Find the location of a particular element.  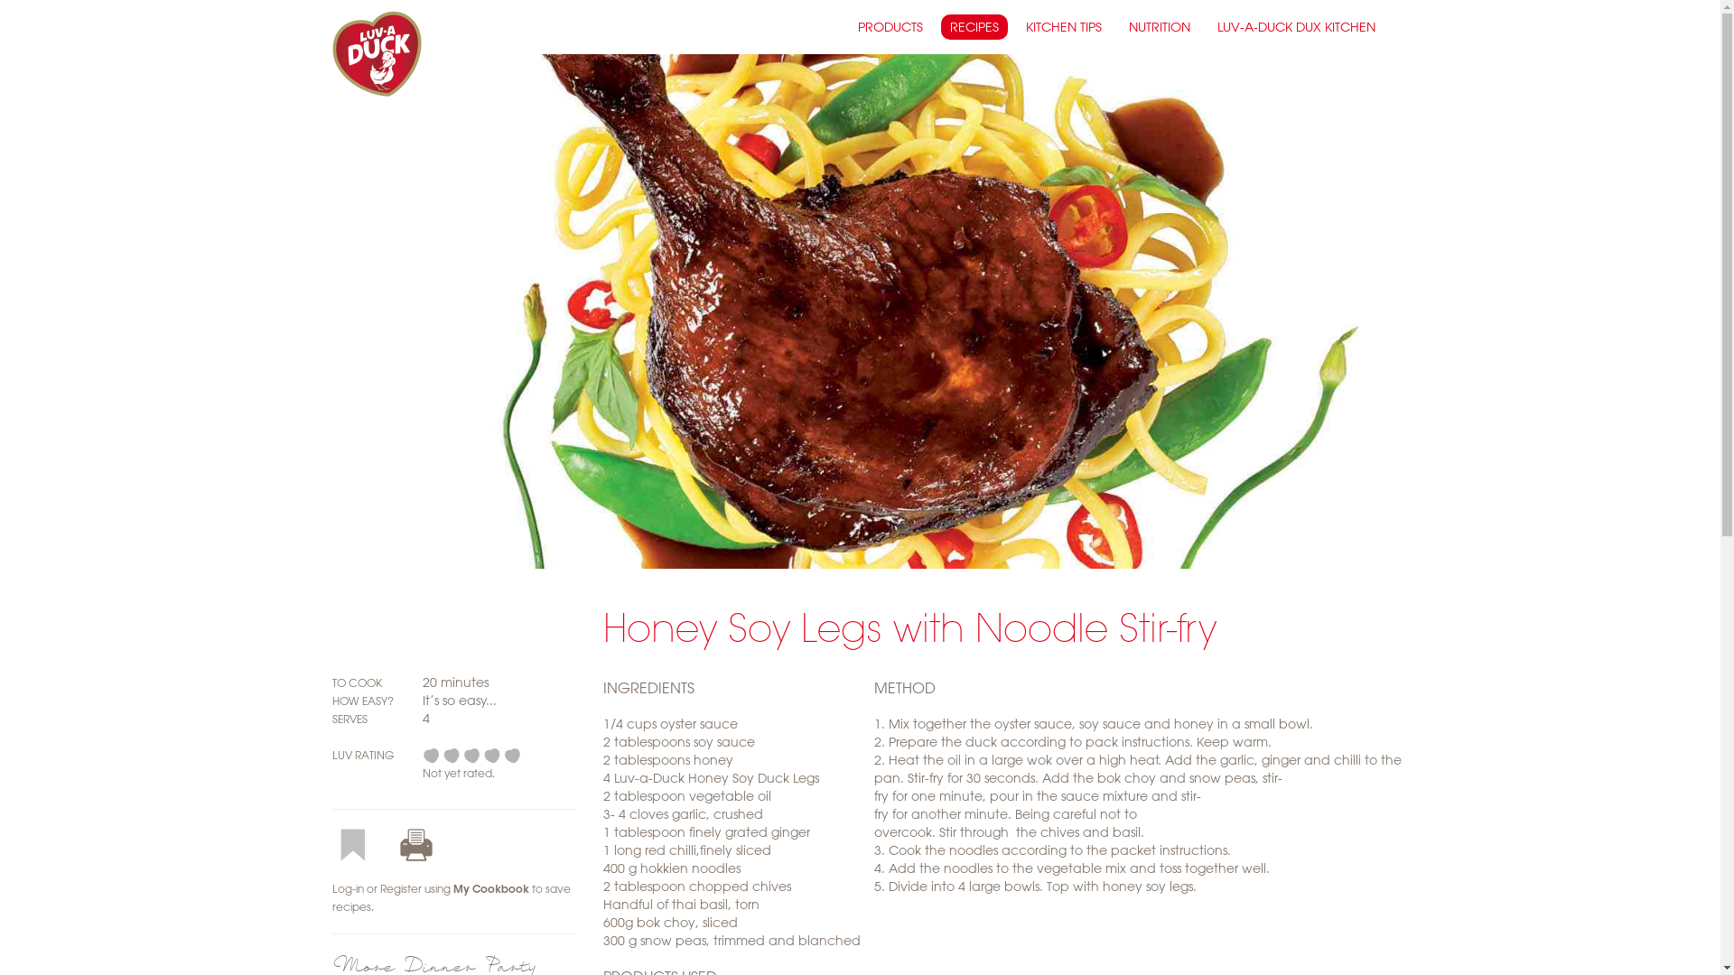

'PRODUCTS' is located at coordinates (890, 27).